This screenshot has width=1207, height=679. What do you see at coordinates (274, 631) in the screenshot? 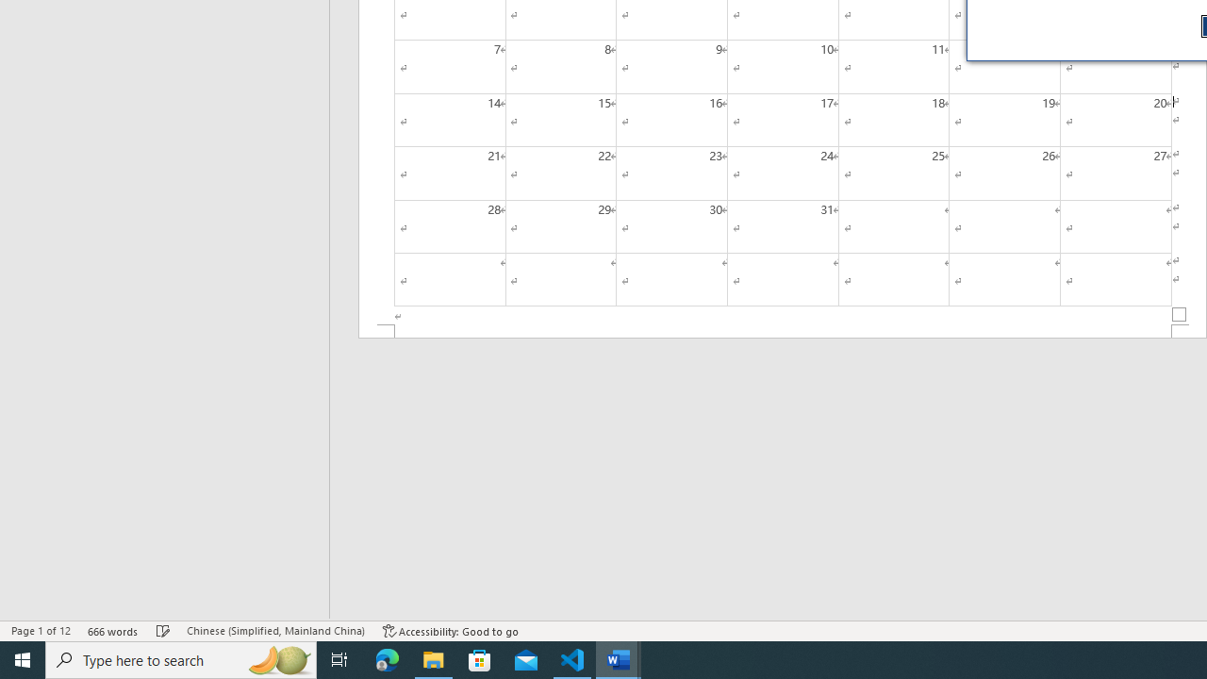
I see `'Language Chinese (Simplified, Mainland China)'` at bounding box center [274, 631].